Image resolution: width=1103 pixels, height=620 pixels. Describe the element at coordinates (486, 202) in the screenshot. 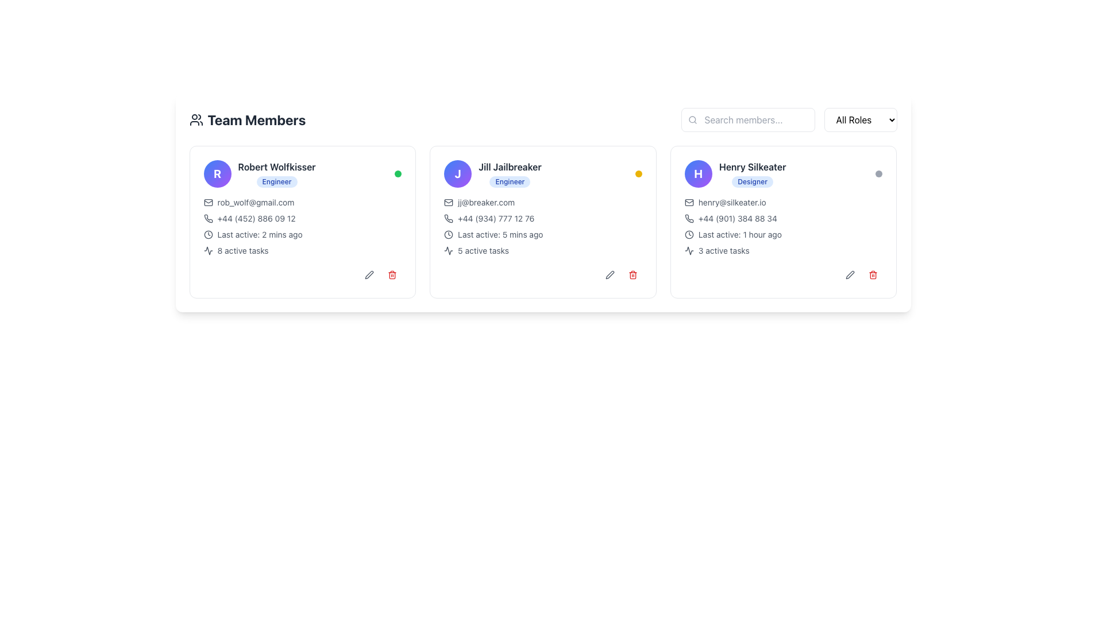

I see `the email hyperlink 'jj@breaker.com' located under the name 'Jill Jailbreaker' in the middle card` at that location.